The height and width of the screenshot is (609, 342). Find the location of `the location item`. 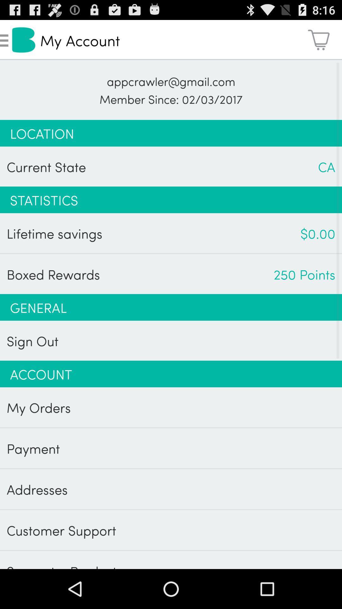

the location item is located at coordinates (171, 133).